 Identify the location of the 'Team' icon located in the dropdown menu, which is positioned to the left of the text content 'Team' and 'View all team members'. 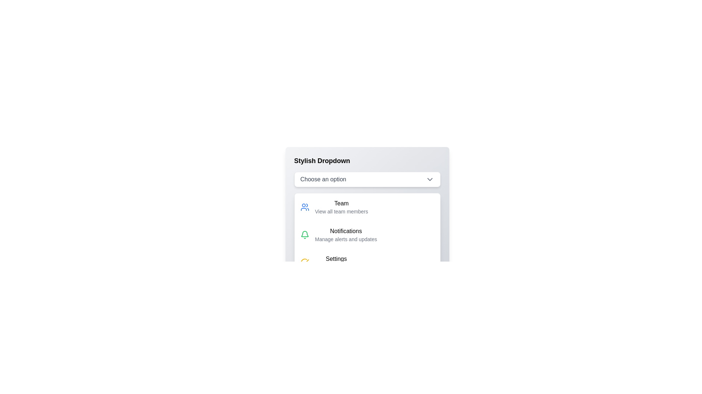
(305, 207).